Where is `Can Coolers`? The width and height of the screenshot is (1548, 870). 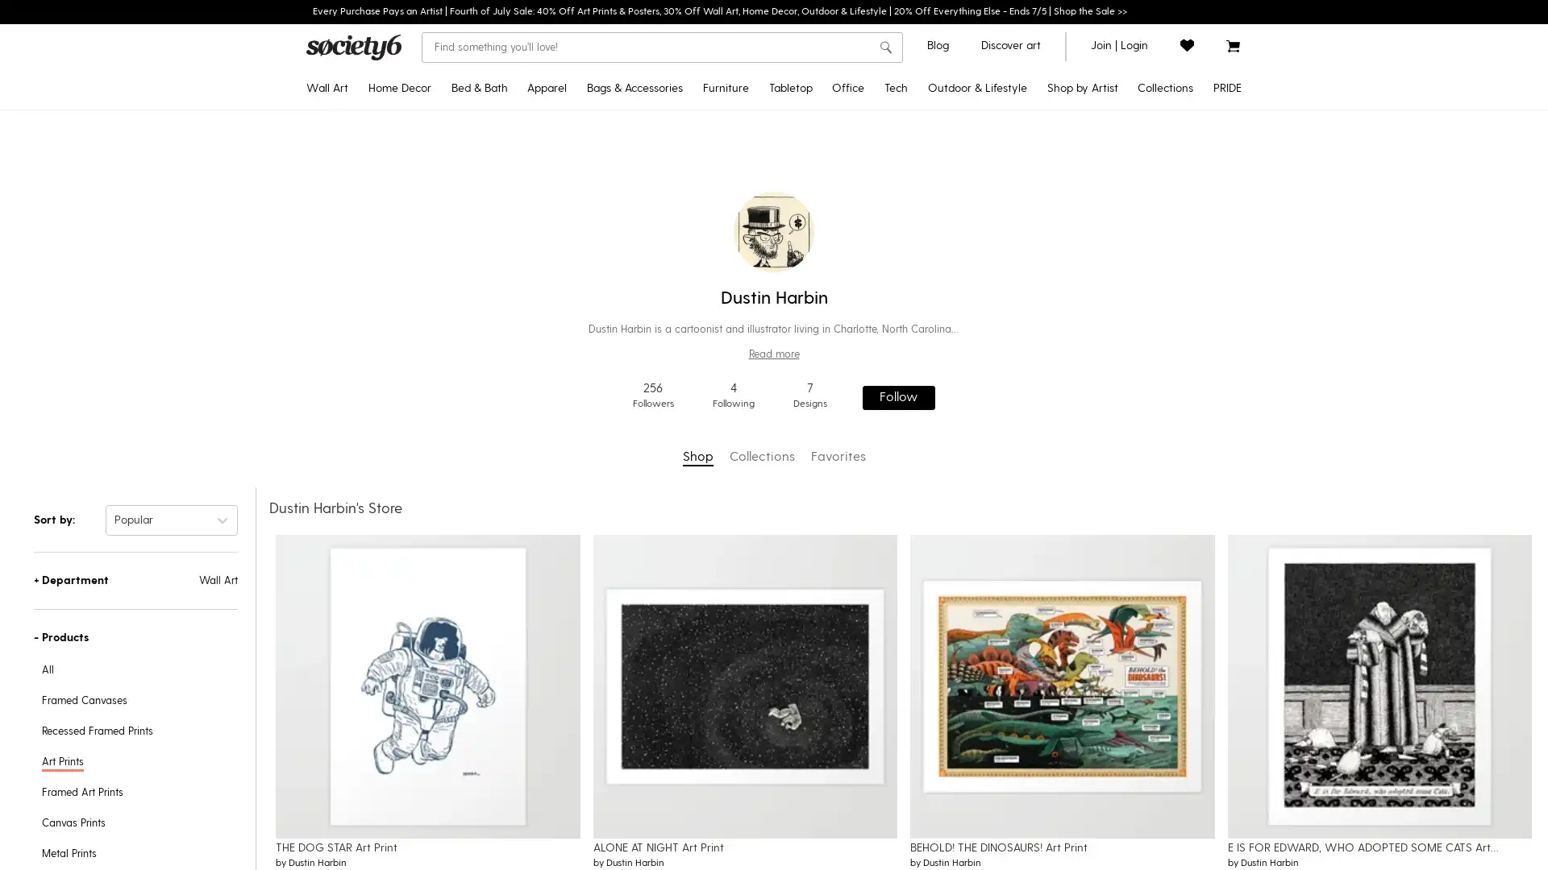
Can Coolers is located at coordinates (998, 337).